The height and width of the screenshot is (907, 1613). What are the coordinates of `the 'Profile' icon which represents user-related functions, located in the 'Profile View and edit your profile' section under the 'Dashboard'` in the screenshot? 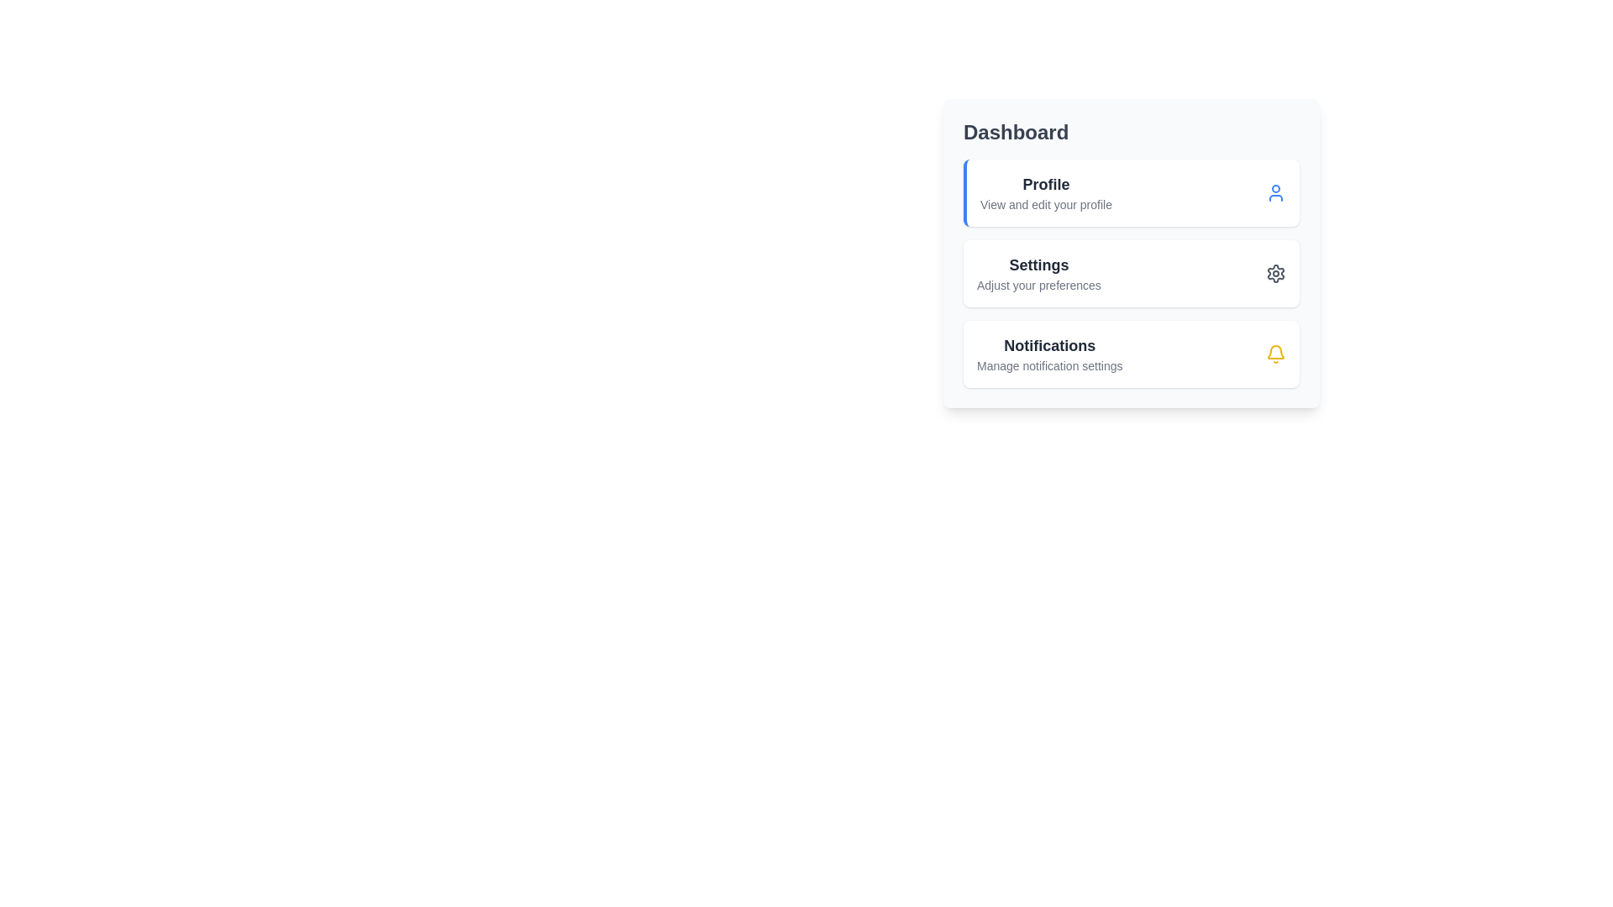 It's located at (1275, 192).